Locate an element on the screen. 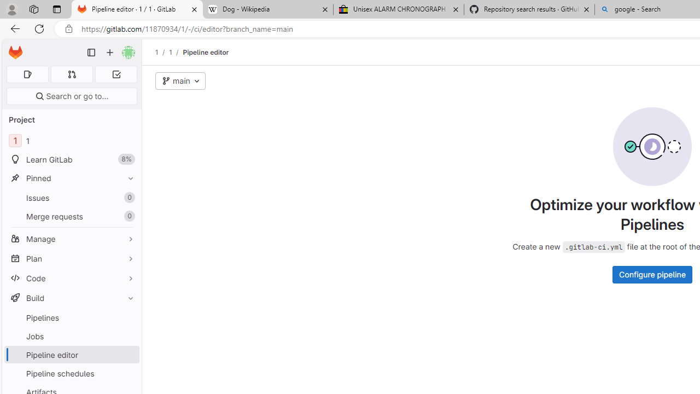 This screenshot has width=700, height=394. 'Pipelines' is located at coordinates (71, 317).